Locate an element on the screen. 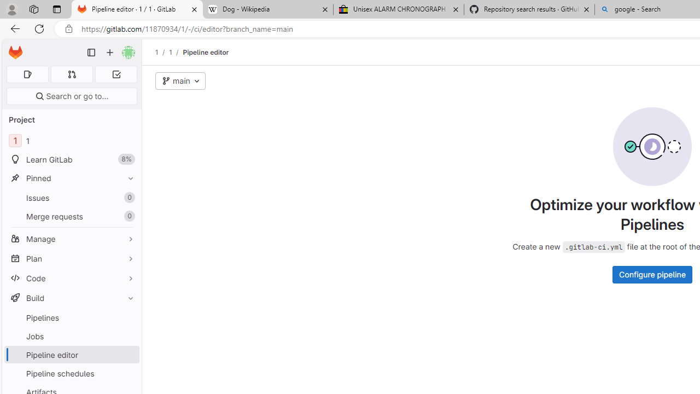 This screenshot has width=700, height=394. 'Pipelines' is located at coordinates (71, 317).